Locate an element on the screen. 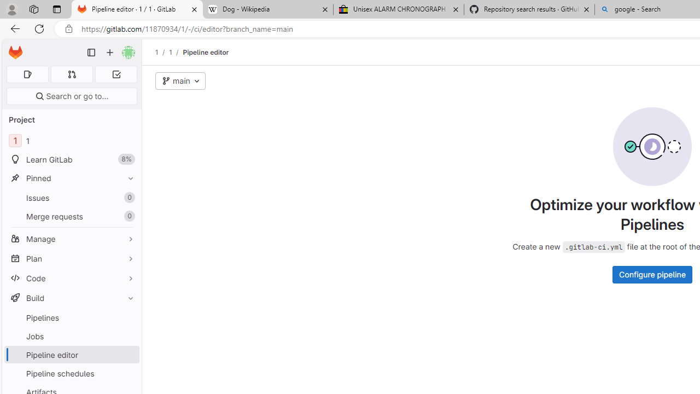 This screenshot has width=700, height=394. 'Pipelines' is located at coordinates (71, 317).